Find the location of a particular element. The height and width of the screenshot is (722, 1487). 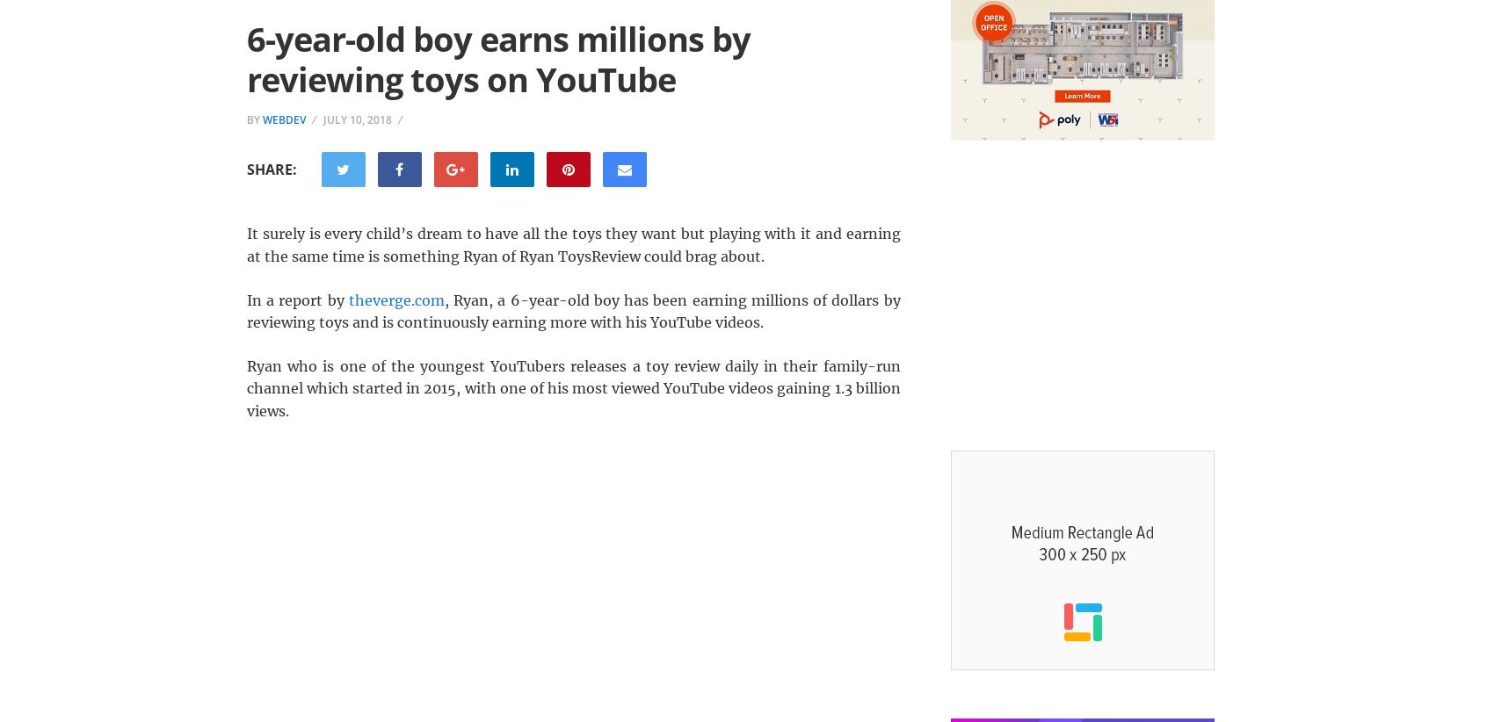

'theverge.com' is located at coordinates (395, 298).